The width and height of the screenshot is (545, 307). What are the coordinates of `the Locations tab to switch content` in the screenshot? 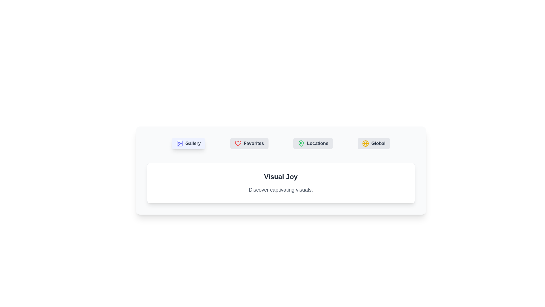 It's located at (313, 143).